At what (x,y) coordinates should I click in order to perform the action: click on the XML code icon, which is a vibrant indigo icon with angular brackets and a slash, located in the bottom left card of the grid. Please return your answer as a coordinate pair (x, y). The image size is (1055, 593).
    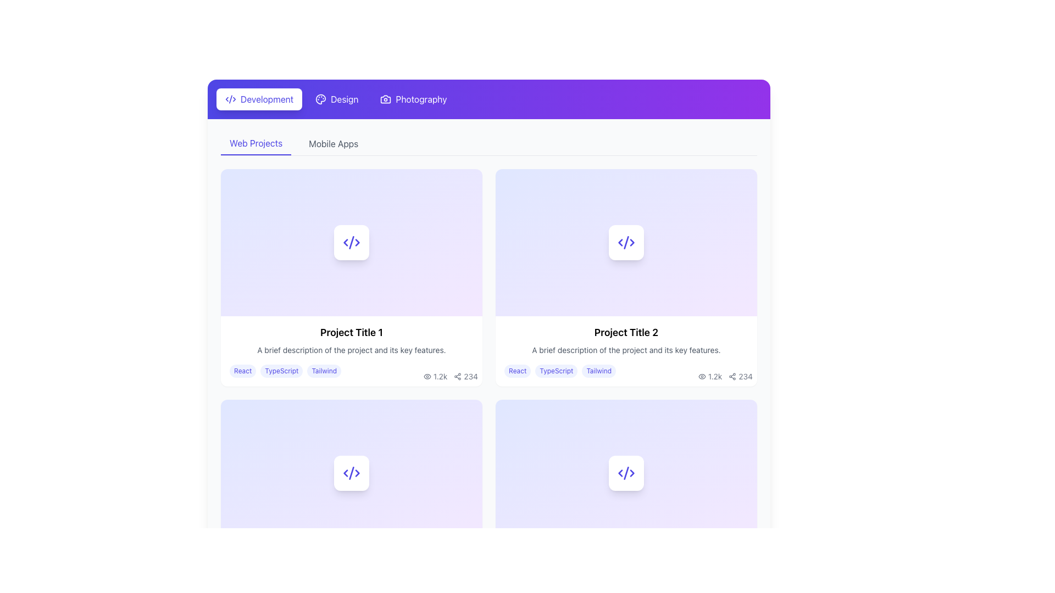
    Looking at the image, I should click on (626, 472).